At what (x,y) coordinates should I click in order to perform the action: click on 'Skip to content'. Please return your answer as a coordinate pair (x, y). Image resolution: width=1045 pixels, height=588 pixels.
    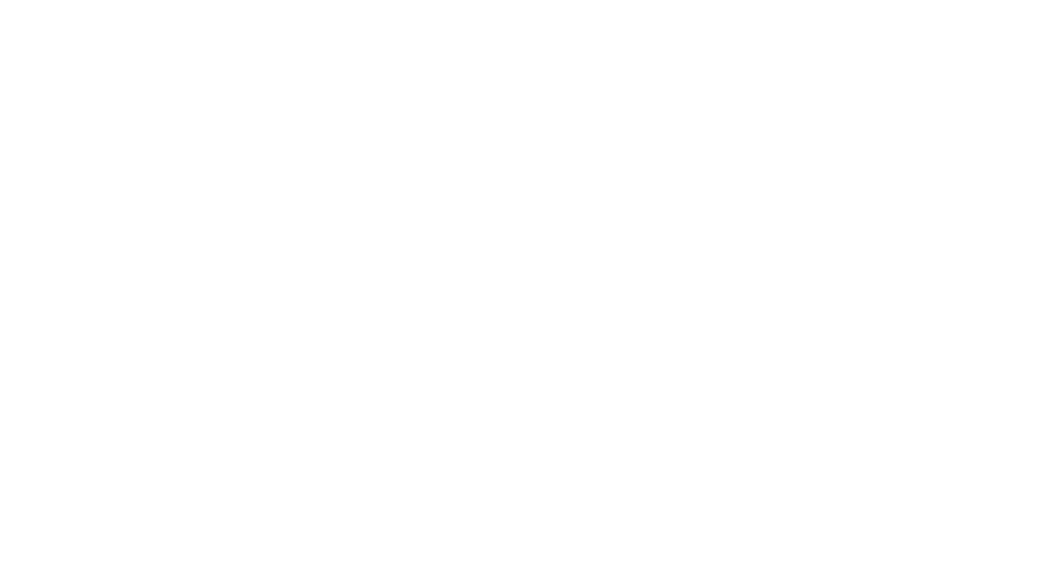
    Looking at the image, I should click on (10, 5).